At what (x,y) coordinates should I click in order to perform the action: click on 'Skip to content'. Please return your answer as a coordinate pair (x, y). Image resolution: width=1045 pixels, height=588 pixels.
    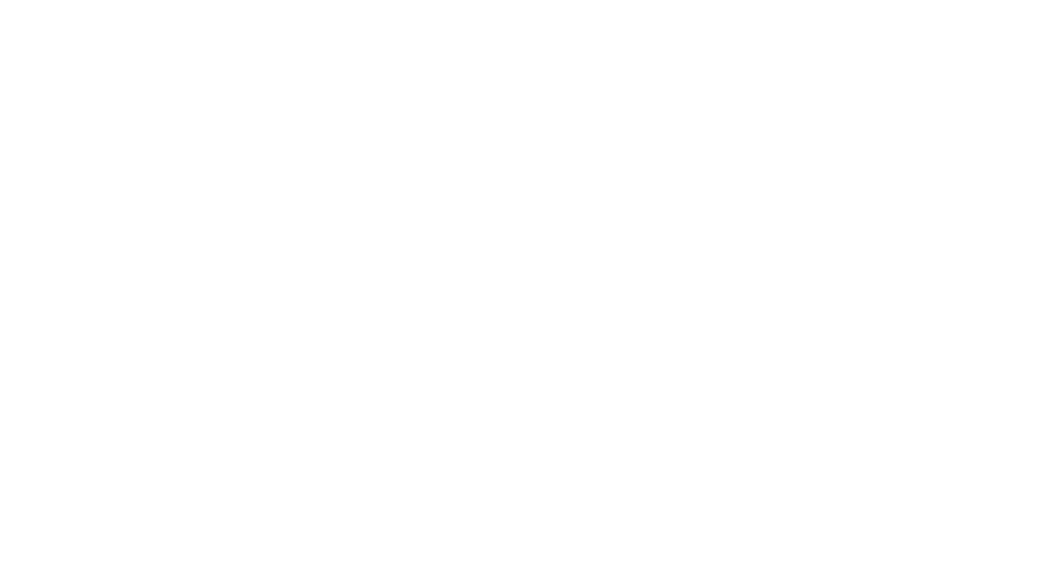
    Looking at the image, I should click on (10, 5).